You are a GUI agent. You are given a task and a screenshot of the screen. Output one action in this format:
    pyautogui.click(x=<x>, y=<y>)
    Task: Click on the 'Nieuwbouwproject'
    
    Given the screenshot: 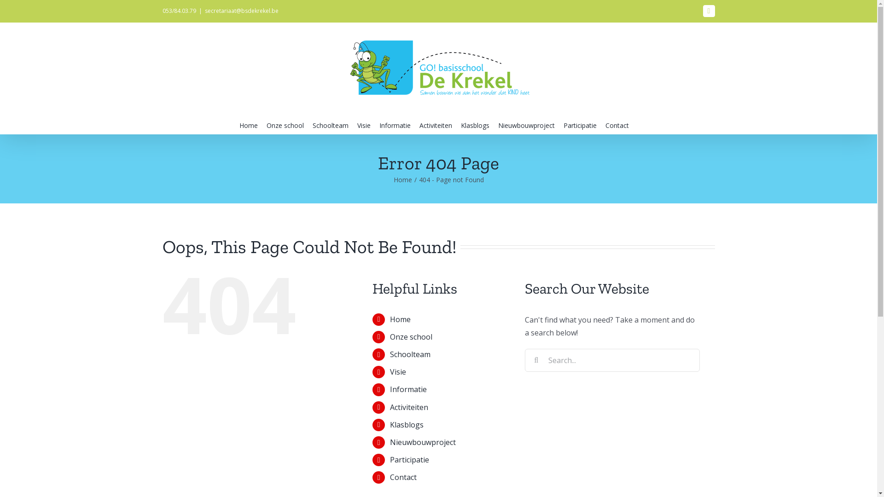 What is the action you would take?
    pyautogui.click(x=526, y=124)
    